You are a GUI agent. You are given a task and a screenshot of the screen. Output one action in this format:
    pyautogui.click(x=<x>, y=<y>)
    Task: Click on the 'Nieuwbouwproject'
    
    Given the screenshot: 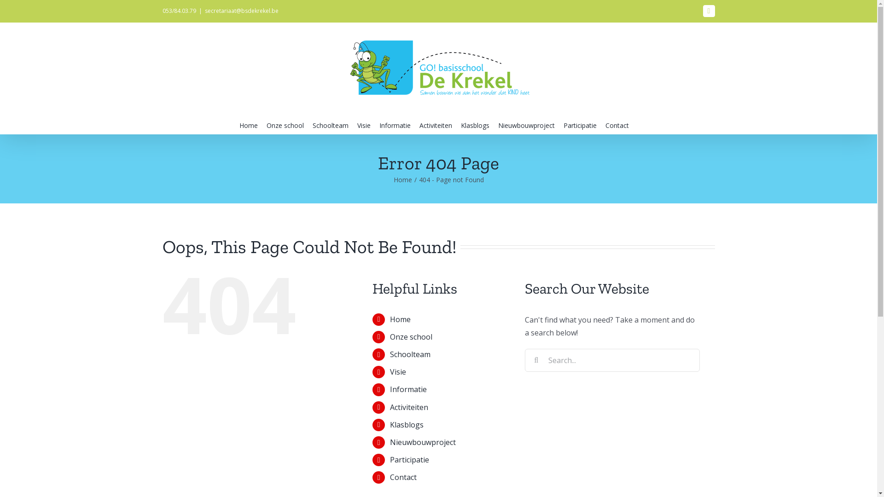 What is the action you would take?
    pyautogui.click(x=526, y=124)
    